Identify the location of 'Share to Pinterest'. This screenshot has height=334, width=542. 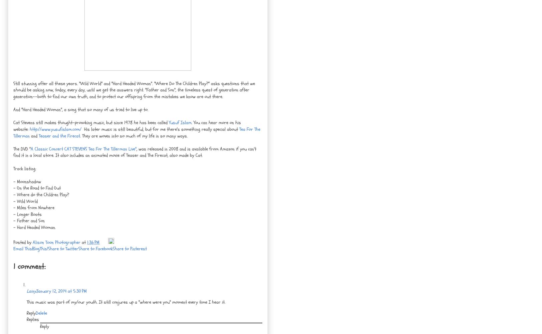
(129, 248).